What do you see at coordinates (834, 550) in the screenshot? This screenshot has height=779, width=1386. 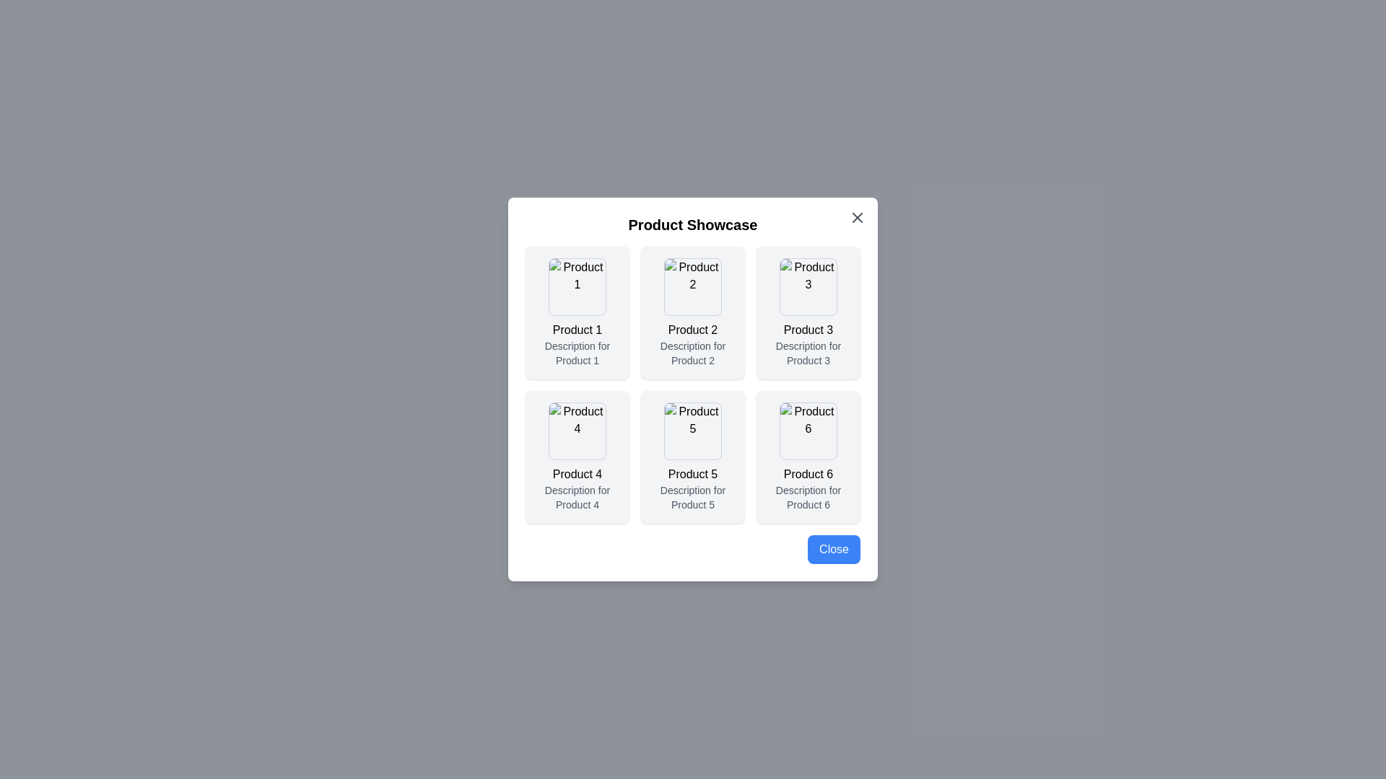 I see `'Close' button located at the bottom-right of the dialog` at bounding box center [834, 550].